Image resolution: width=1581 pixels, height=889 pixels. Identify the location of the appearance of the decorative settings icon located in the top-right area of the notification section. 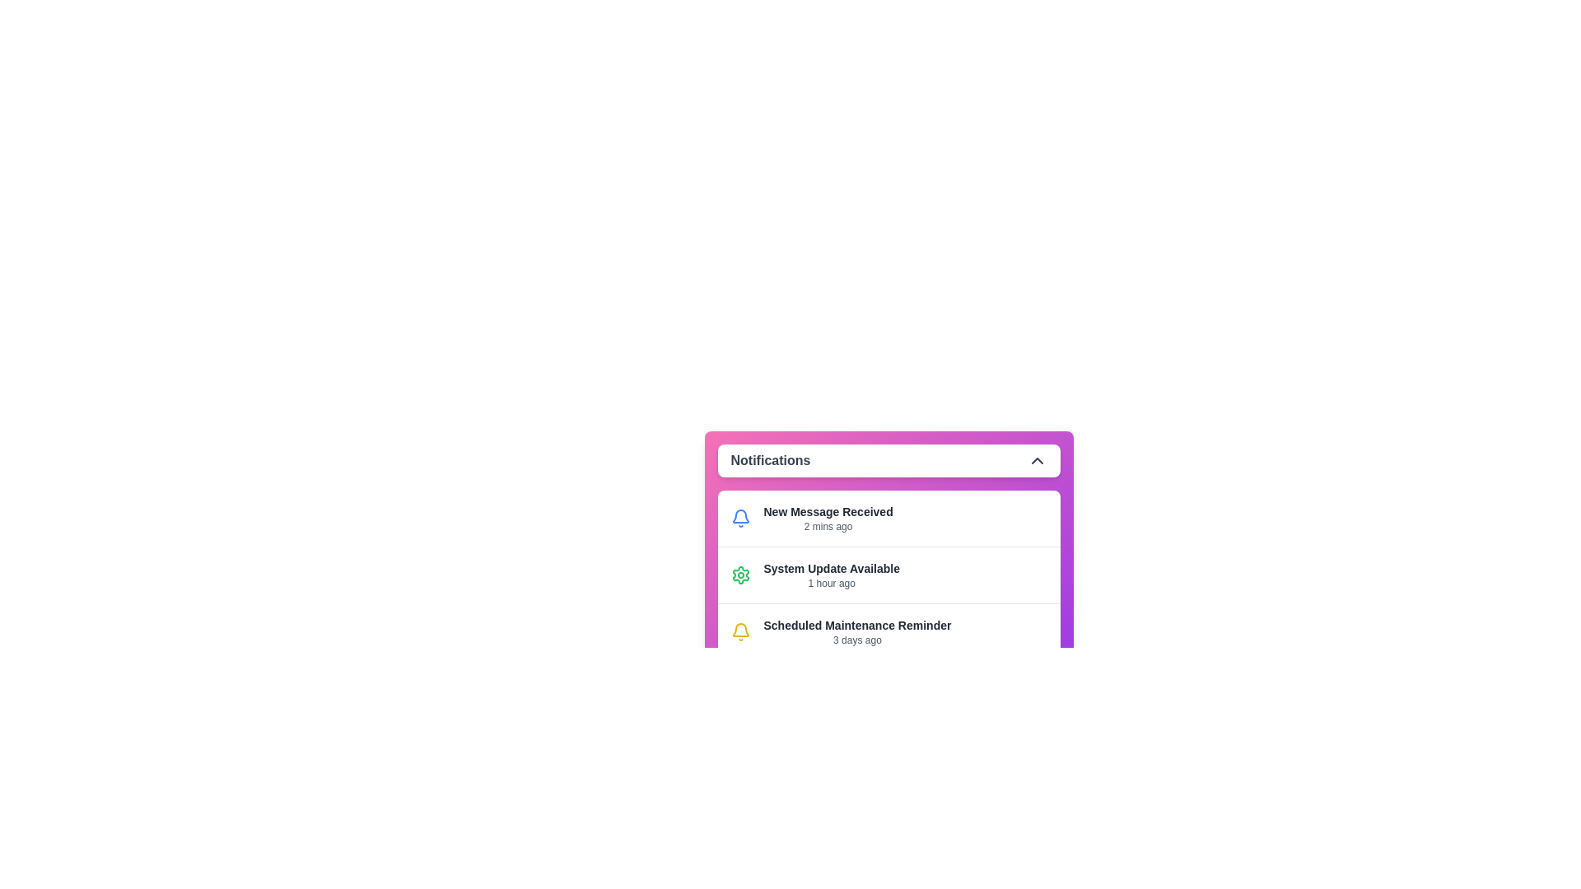
(739, 574).